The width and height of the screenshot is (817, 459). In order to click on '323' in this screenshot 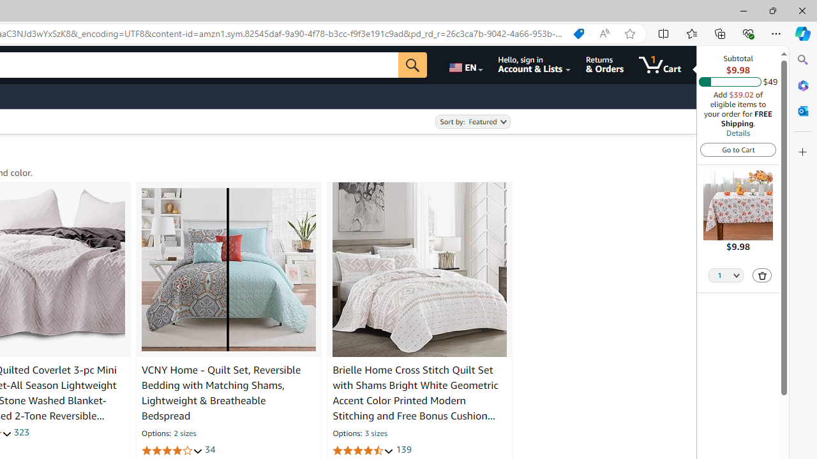, I will do `click(21, 432)`.